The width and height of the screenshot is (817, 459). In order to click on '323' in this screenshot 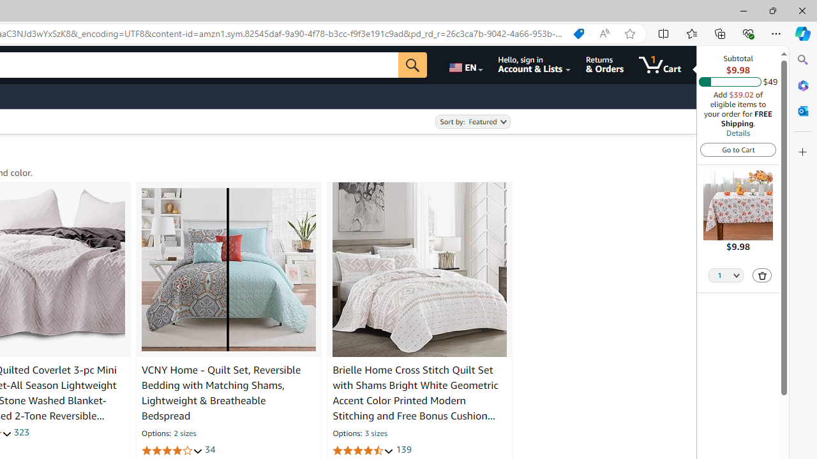, I will do `click(21, 432)`.